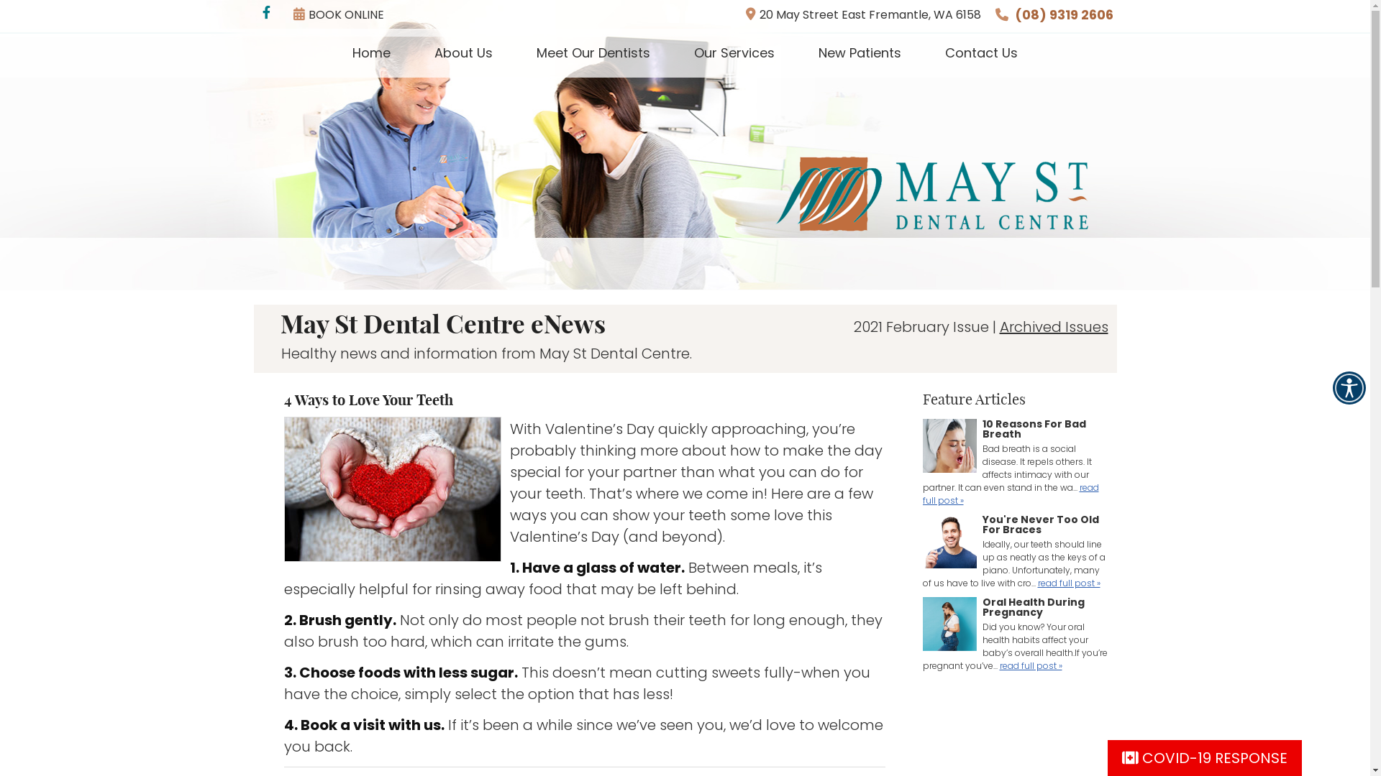  I want to click on '(08) 9319 2606', so click(1063, 14).